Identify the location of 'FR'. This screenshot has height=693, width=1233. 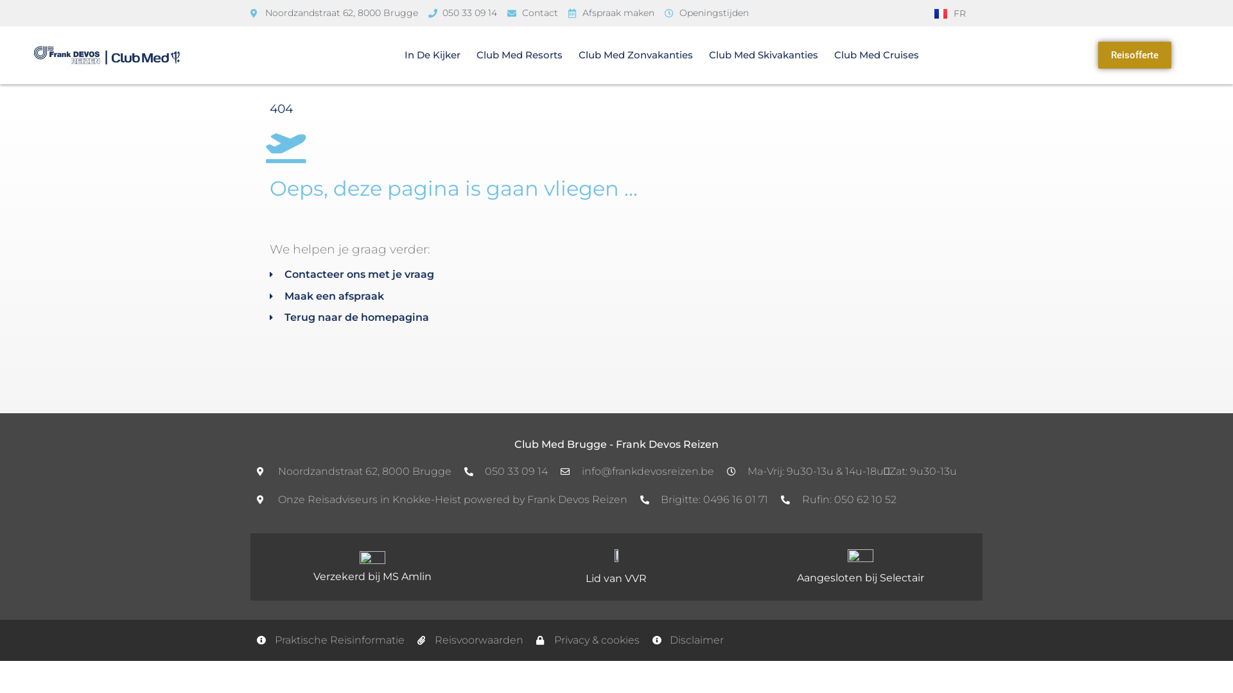
(950, 13).